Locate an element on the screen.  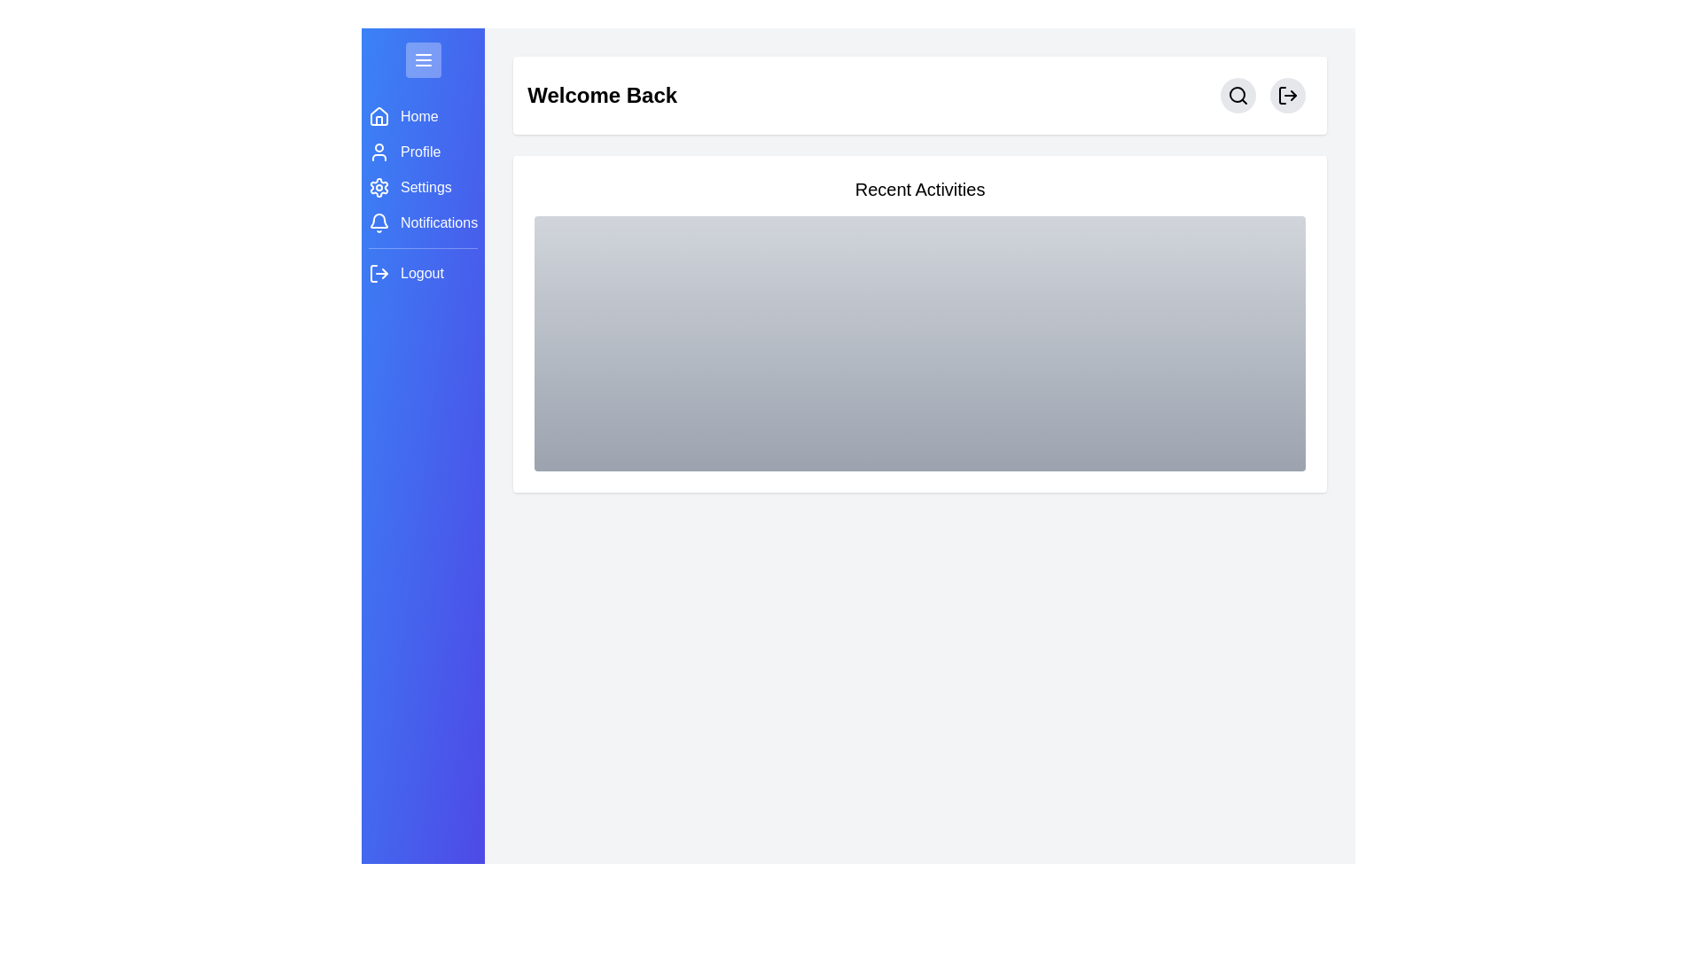
the 'Notifications' navigation link with a bell icon located on the left vertical navigation bar, positioned fourth from the top is located at coordinates (422, 222).